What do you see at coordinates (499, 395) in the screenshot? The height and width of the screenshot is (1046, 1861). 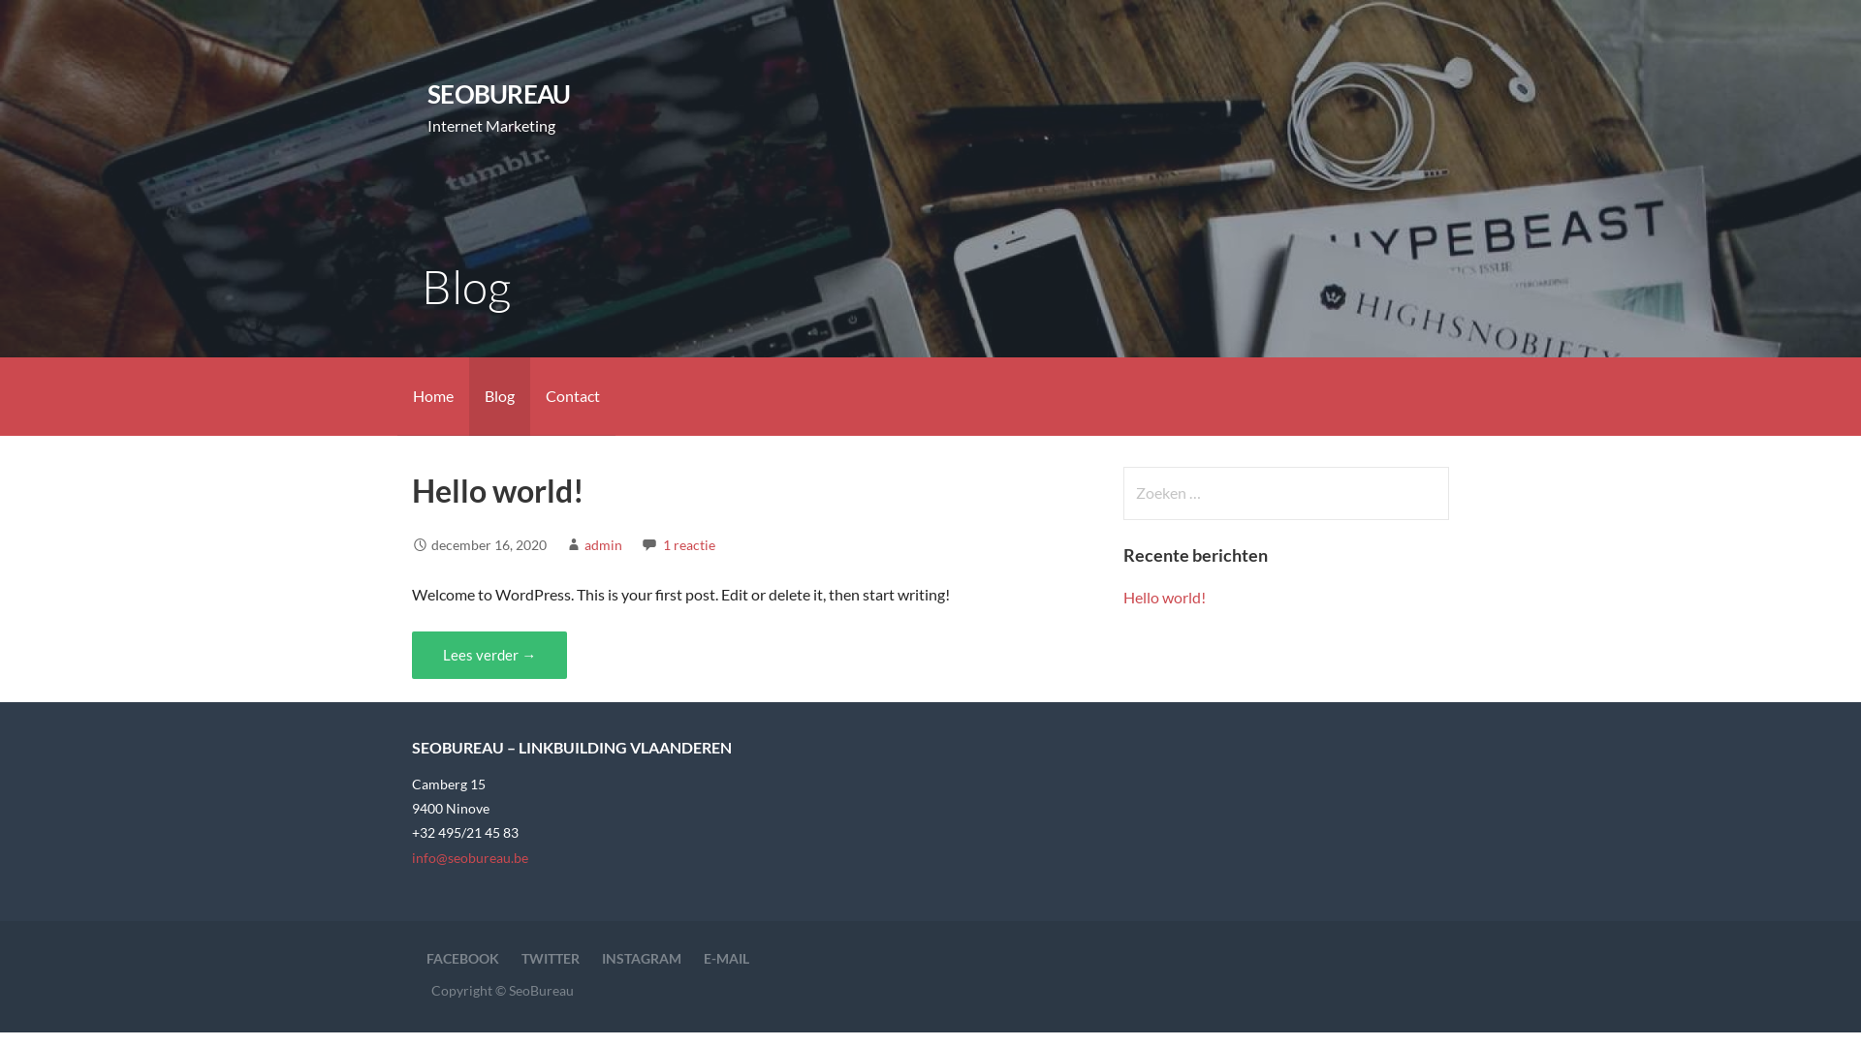 I see `'Blog'` at bounding box center [499, 395].